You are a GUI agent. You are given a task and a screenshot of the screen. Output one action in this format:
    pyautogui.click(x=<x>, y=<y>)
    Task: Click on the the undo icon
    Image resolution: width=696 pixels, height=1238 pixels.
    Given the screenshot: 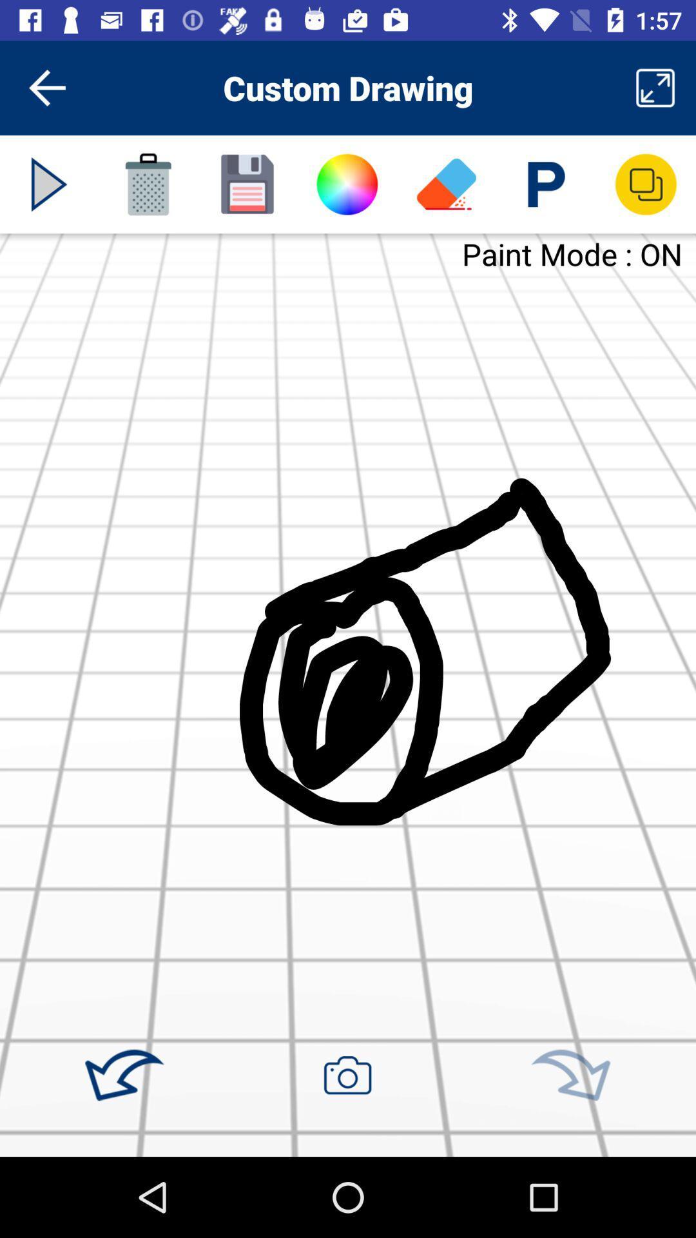 What is the action you would take?
    pyautogui.click(x=124, y=1076)
    